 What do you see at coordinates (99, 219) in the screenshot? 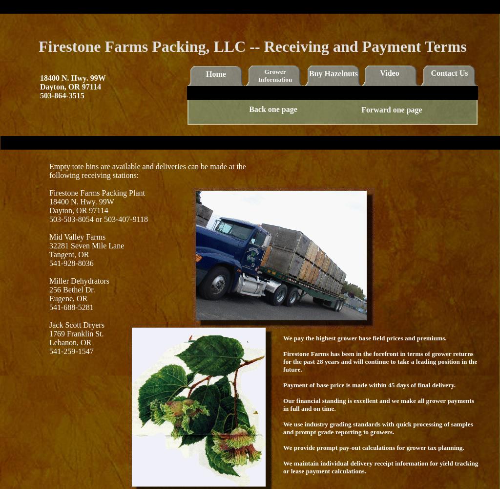
I see `'503-503-8054 or 503-407-9118'` at bounding box center [99, 219].